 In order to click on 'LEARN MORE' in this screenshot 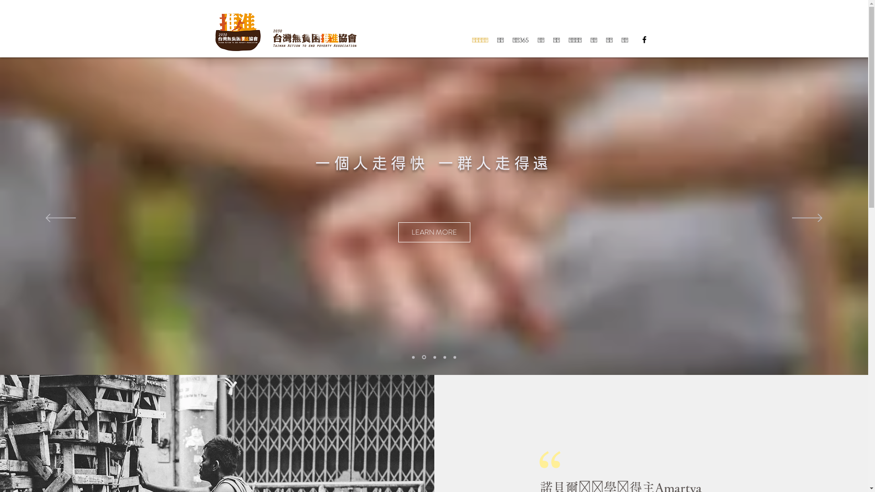, I will do `click(422, 231)`.